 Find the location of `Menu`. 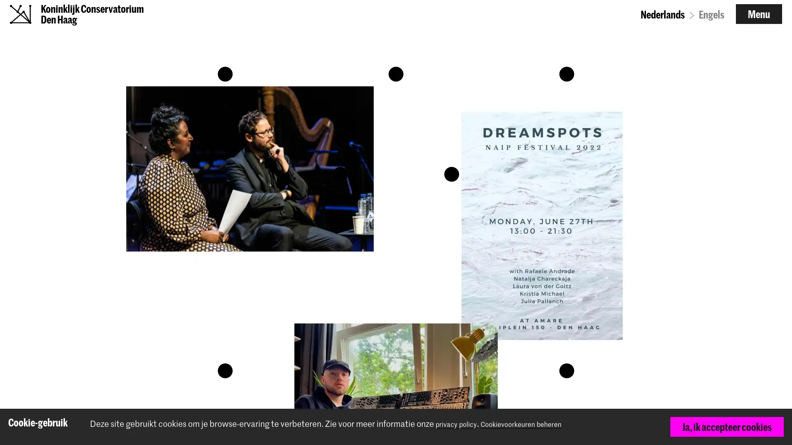

Menu is located at coordinates (759, 19).